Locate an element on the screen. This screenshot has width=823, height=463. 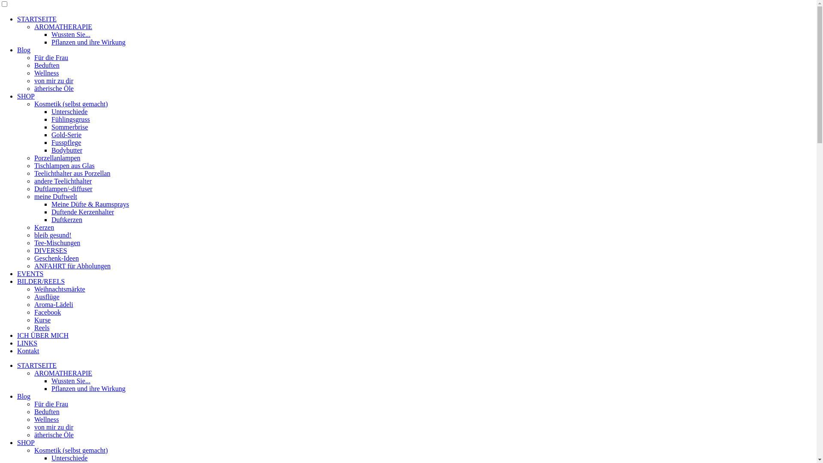
'Teelichthalter aus Porzellan' is located at coordinates (72, 173).